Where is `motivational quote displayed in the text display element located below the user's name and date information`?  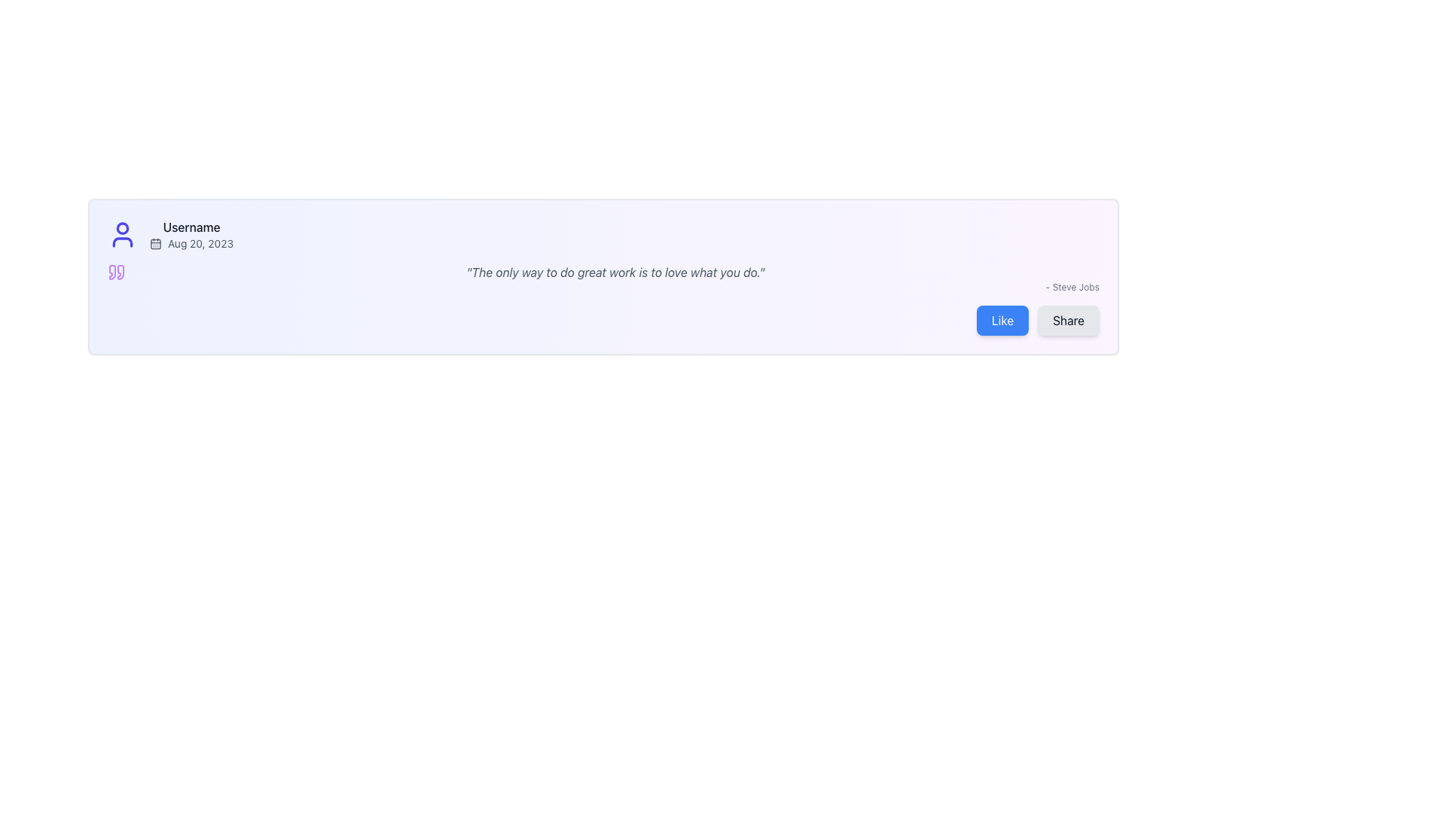
motivational quote displayed in the text display element located below the user's name and date information is located at coordinates (603, 279).